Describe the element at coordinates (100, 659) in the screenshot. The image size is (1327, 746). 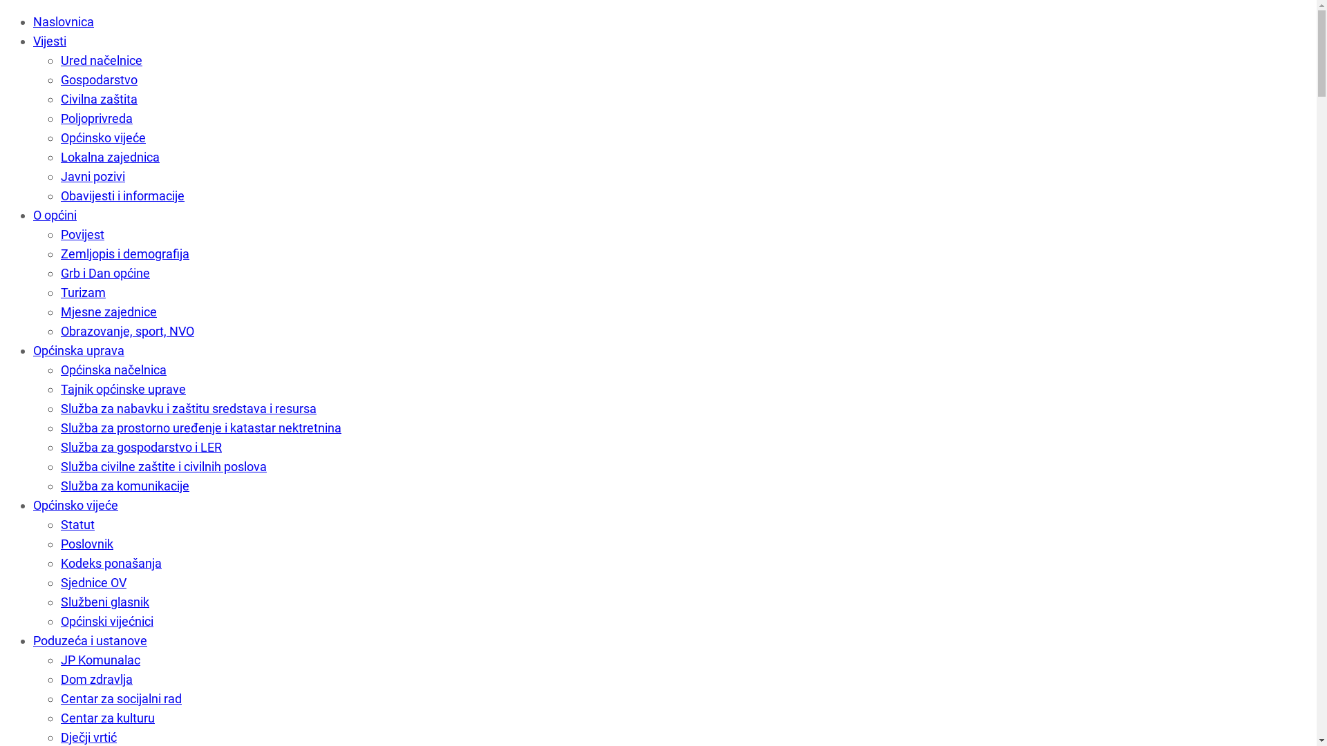
I see `'JP Komunalac'` at that location.